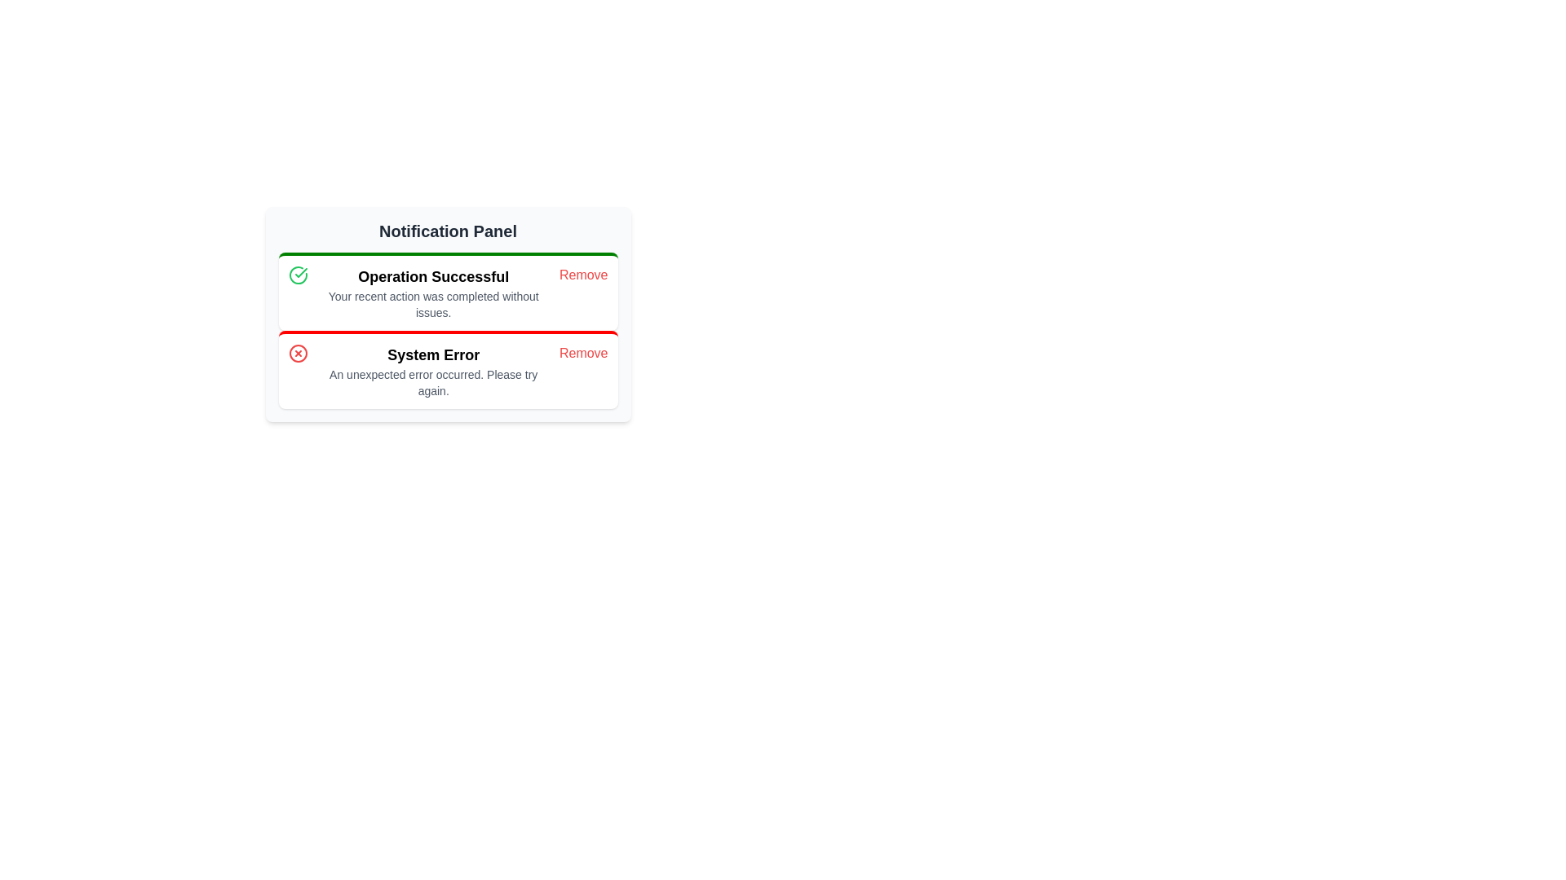 This screenshot has height=880, width=1566. What do you see at coordinates (433, 275) in the screenshot?
I see `the success notification title text label that summarizes the outcome of the user's action, located in the green-bordered area above the descriptive text` at bounding box center [433, 275].